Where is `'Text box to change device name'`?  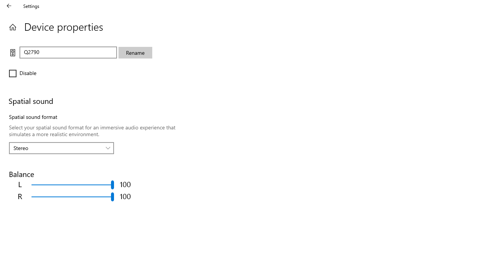
'Text box to change device name' is located at coordinates (68, 52).